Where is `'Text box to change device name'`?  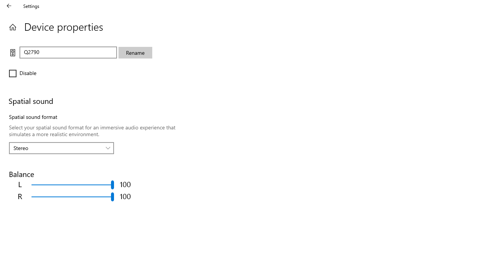
'Text box to change device name' is located at coordinates (68, 52).